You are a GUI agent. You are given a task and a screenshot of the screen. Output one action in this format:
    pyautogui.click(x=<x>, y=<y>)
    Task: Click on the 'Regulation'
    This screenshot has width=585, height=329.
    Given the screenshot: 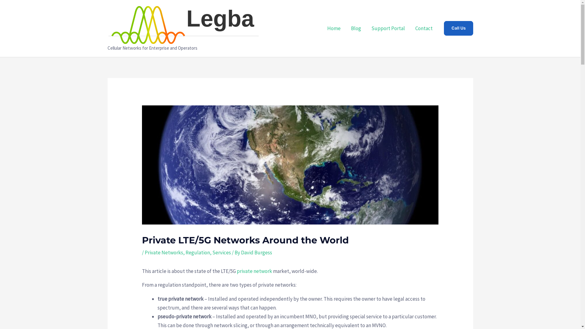 What is the action you would take?
    pyautogui.click(x=197, y=253)
    